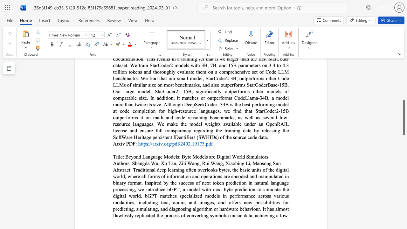  Describe the element at coordinates (139, 163) in the screenshot. I see `the subset text "ngda" within the text "Shangda Wu,"` at that location.